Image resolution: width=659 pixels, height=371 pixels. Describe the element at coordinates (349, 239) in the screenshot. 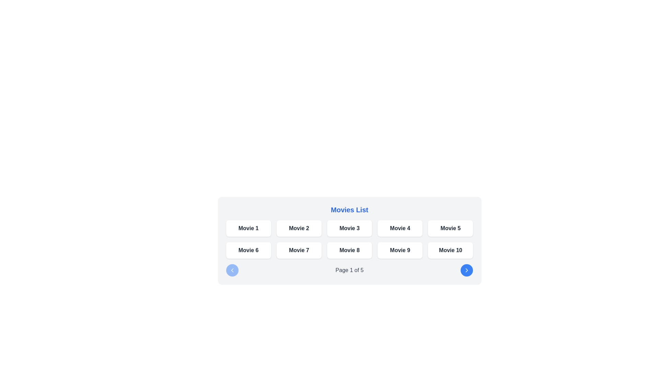

I see `the button labeled 'Movie 1' through 'Movie 10' within the grid titled 'Movies List'` at that location.